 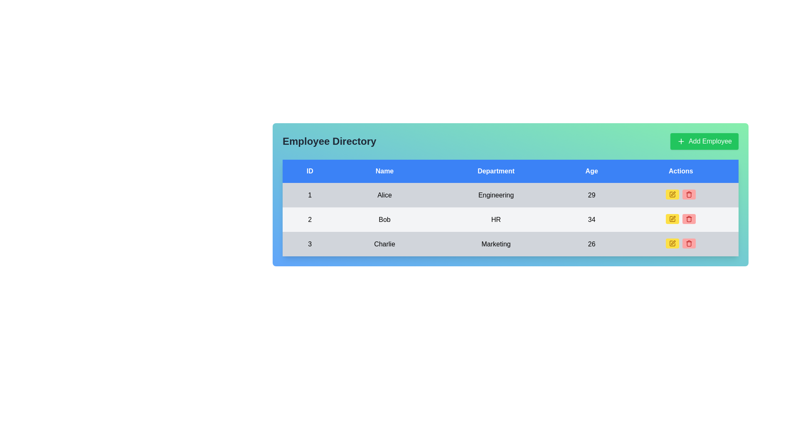 What do you see at coordinates (496, 219) in the screenshot?
I see `the static text label displaying 'HR' in the 'Department' column for the entry 'Bob' in the table` at bounding box center [496, 219].